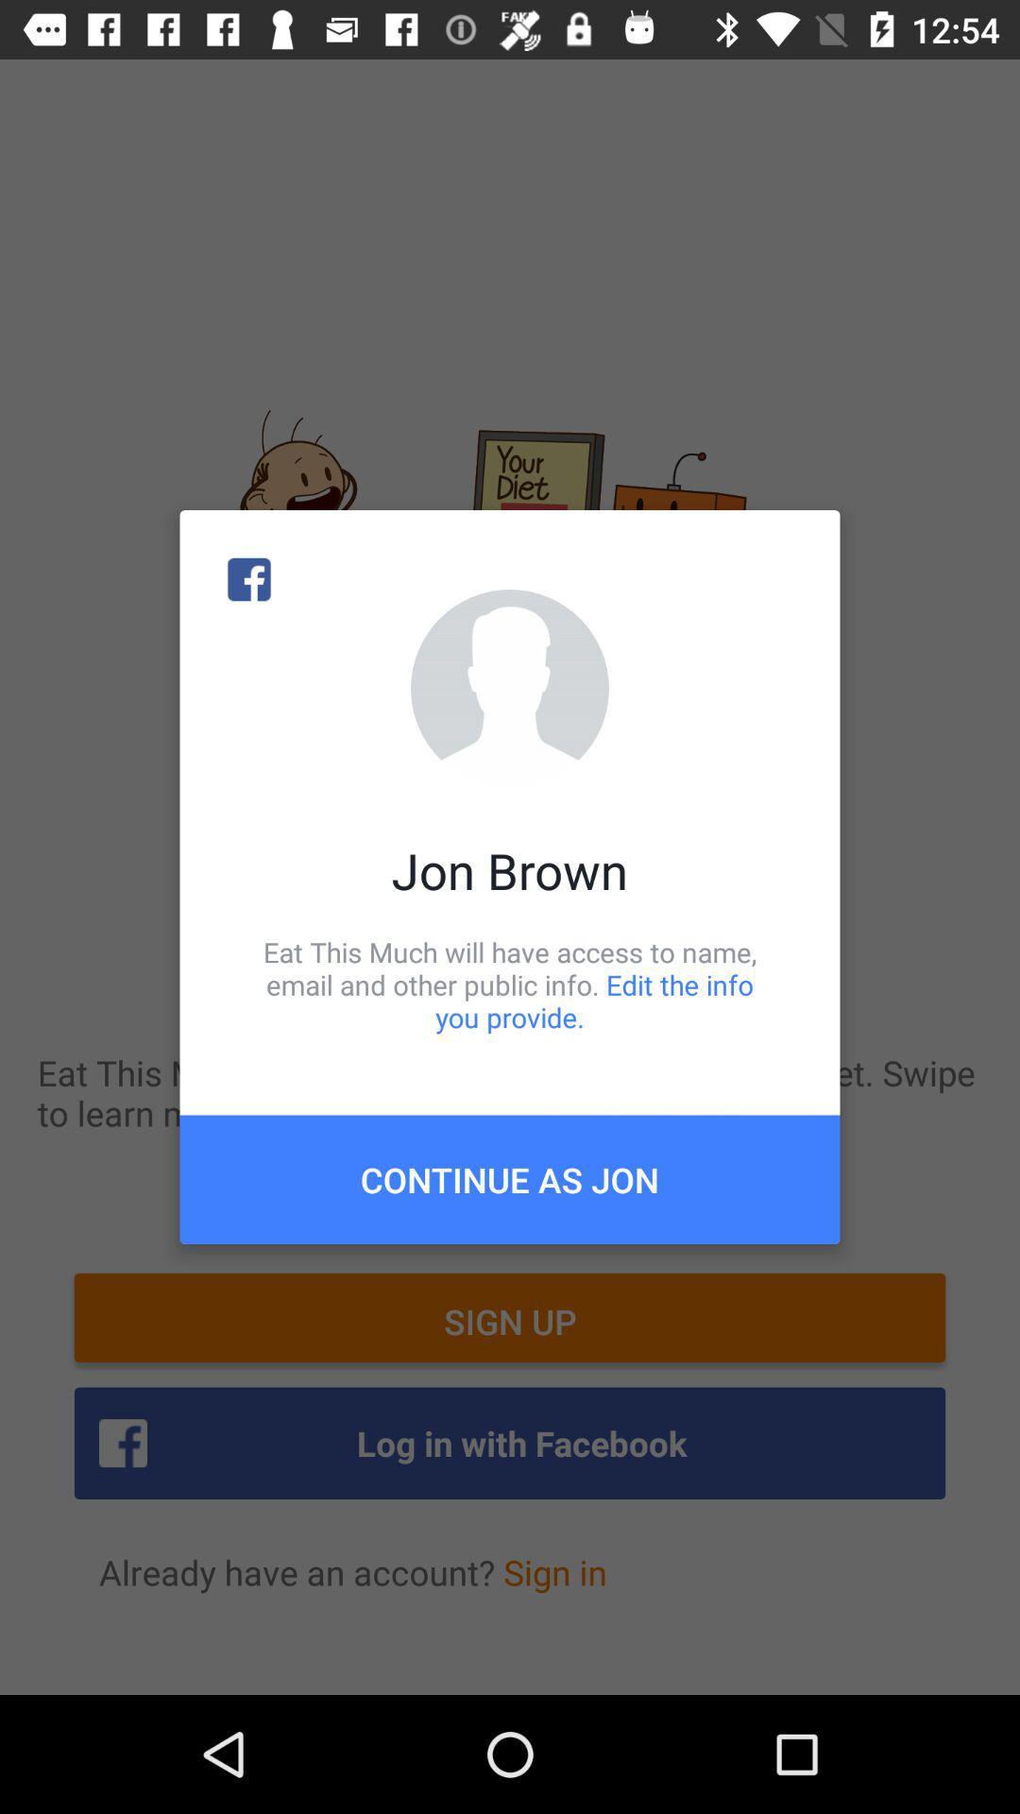 The width and height of the screenshot is (1020, 1814). Describe the element at coordinates (510, 1178) in the screenshot. I see `the continue as jon icon` at that location.